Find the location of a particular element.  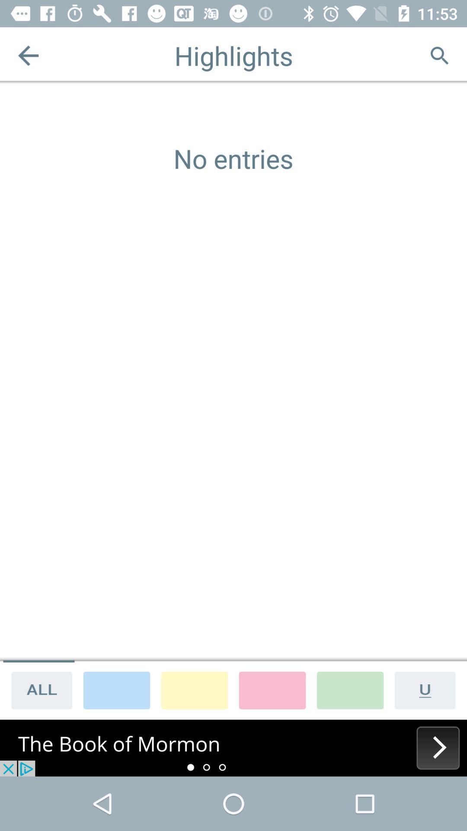

click advertisement is located at coordinates (233, 747).